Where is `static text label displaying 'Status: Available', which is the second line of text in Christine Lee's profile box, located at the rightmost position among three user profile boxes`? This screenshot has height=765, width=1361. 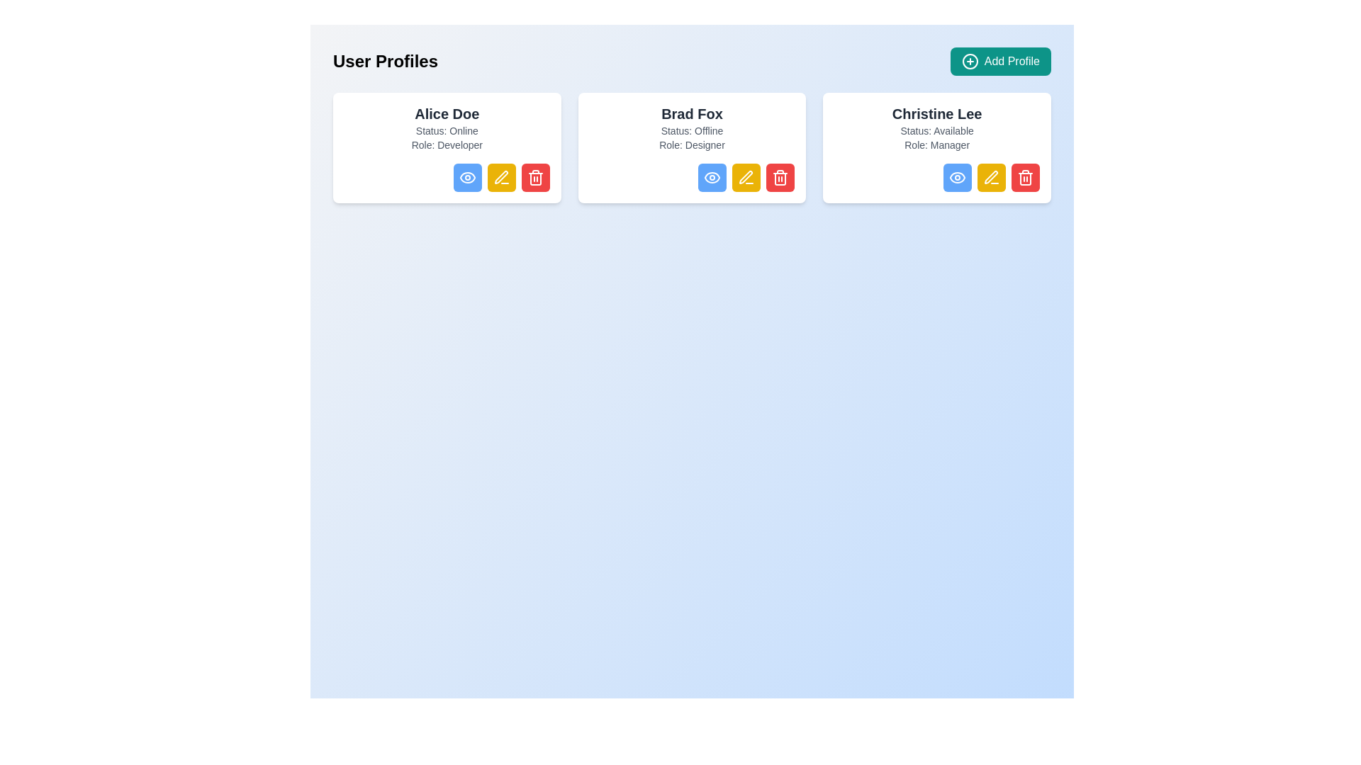
static text label displaying 'Status: Available', which is the second line of text in Christine Lee's profile box, located at the rightmost position among three user profile boxes is located at coordinates (937, 131).